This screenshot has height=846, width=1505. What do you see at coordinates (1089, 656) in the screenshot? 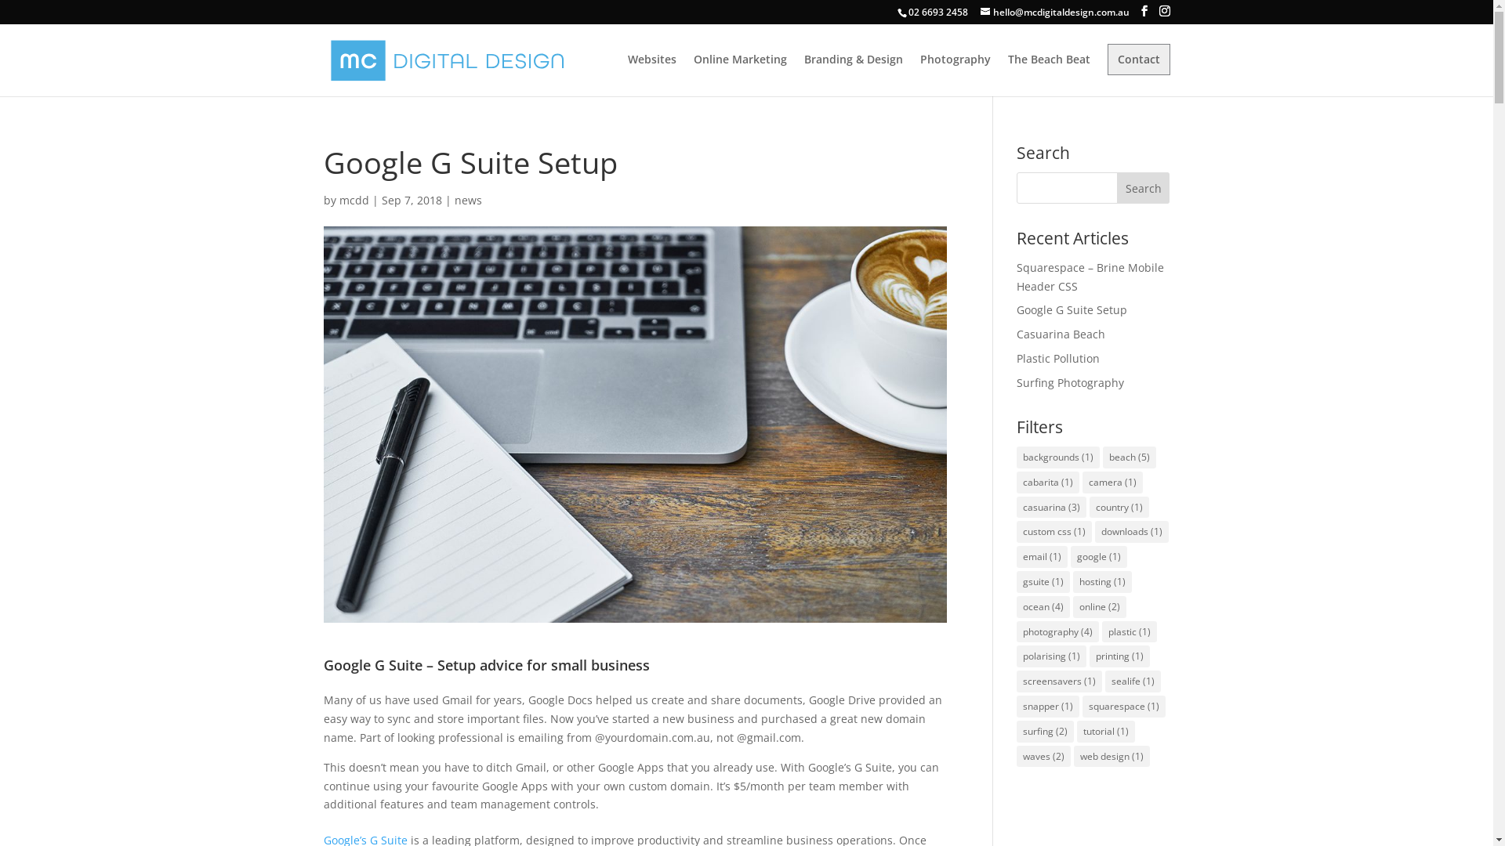
I see `'printing (1)'` at bounding box center [1089, 656].